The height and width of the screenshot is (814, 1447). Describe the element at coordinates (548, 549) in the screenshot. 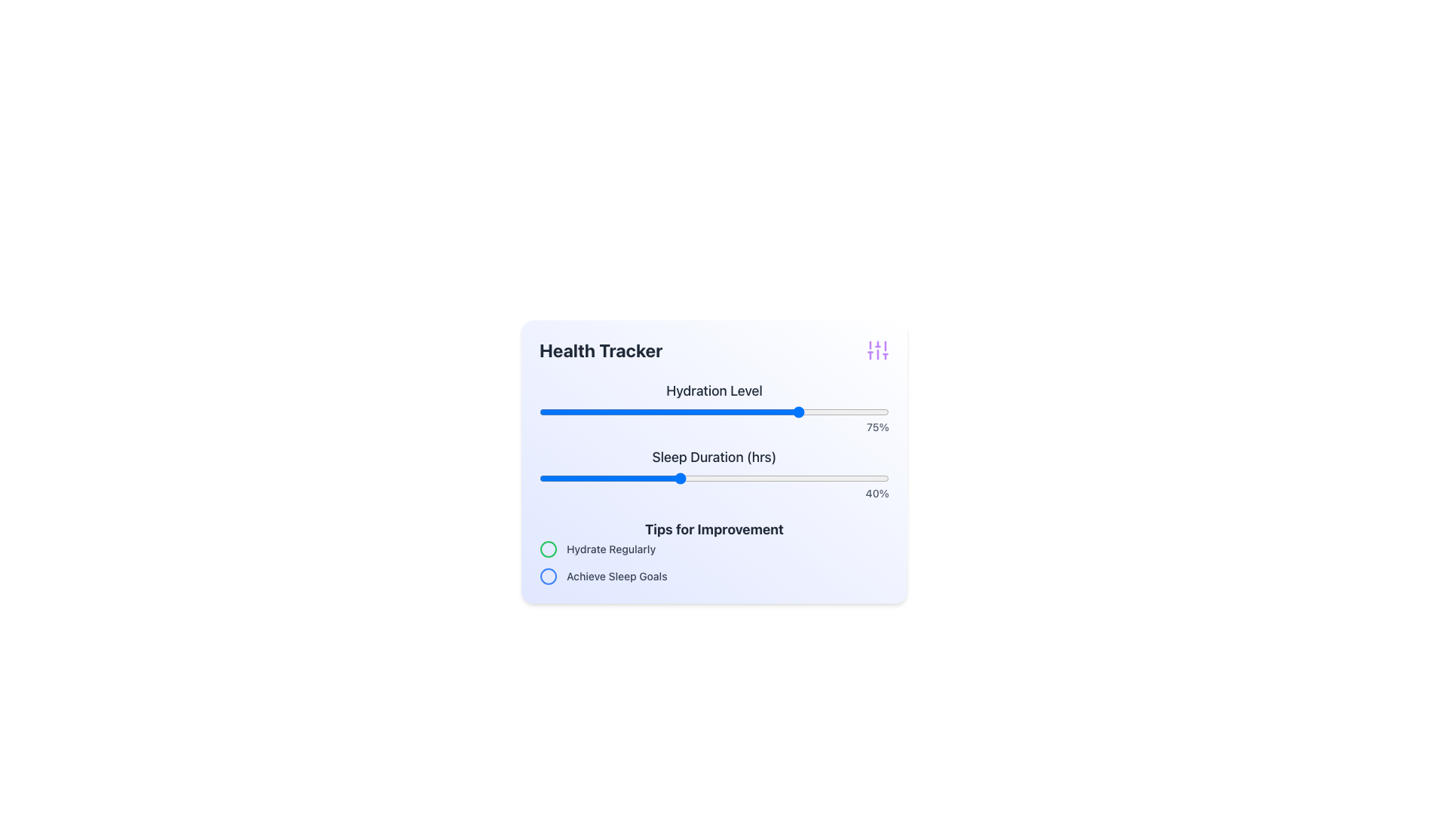

I see `the Circular Decorative Indicator with a green outline located near the 'Hydrate Regularly' label in the 'Tips for Improvement' section` at that location.